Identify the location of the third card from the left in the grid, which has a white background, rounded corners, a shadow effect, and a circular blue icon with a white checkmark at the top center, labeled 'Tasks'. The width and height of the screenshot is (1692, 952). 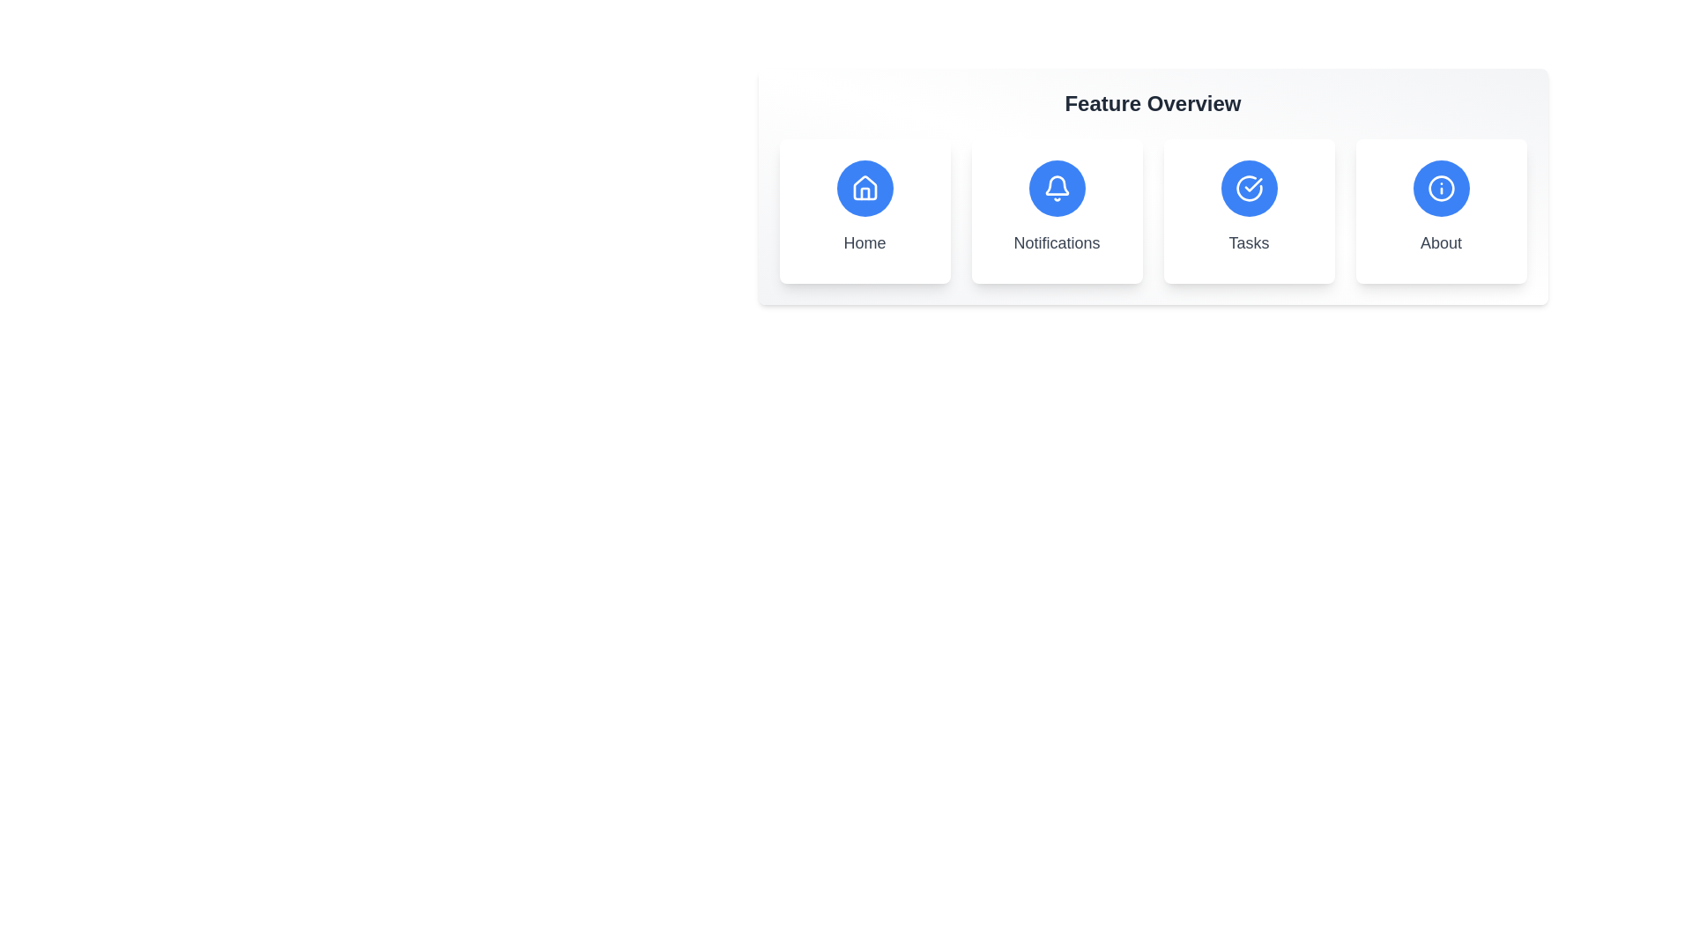
(1248, 210).